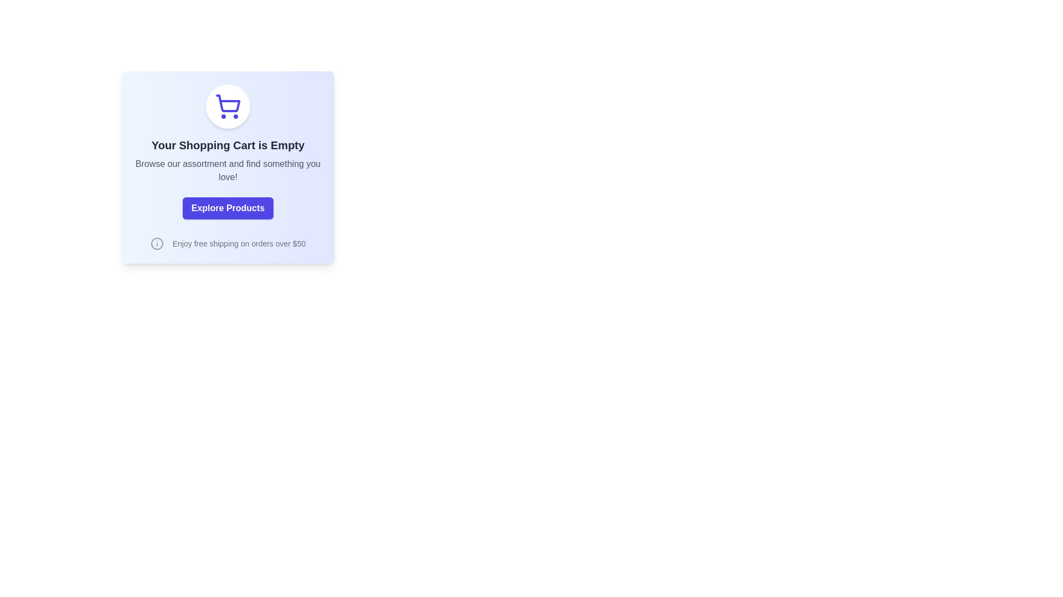 This screenshot has width=1063, height=597. I want to click on the Informational Label that contains the text 'Enjoy free shipping on orders over $50' and an encircled 'i' icon, located below the 'Explore Products' button, so click(228, 243).